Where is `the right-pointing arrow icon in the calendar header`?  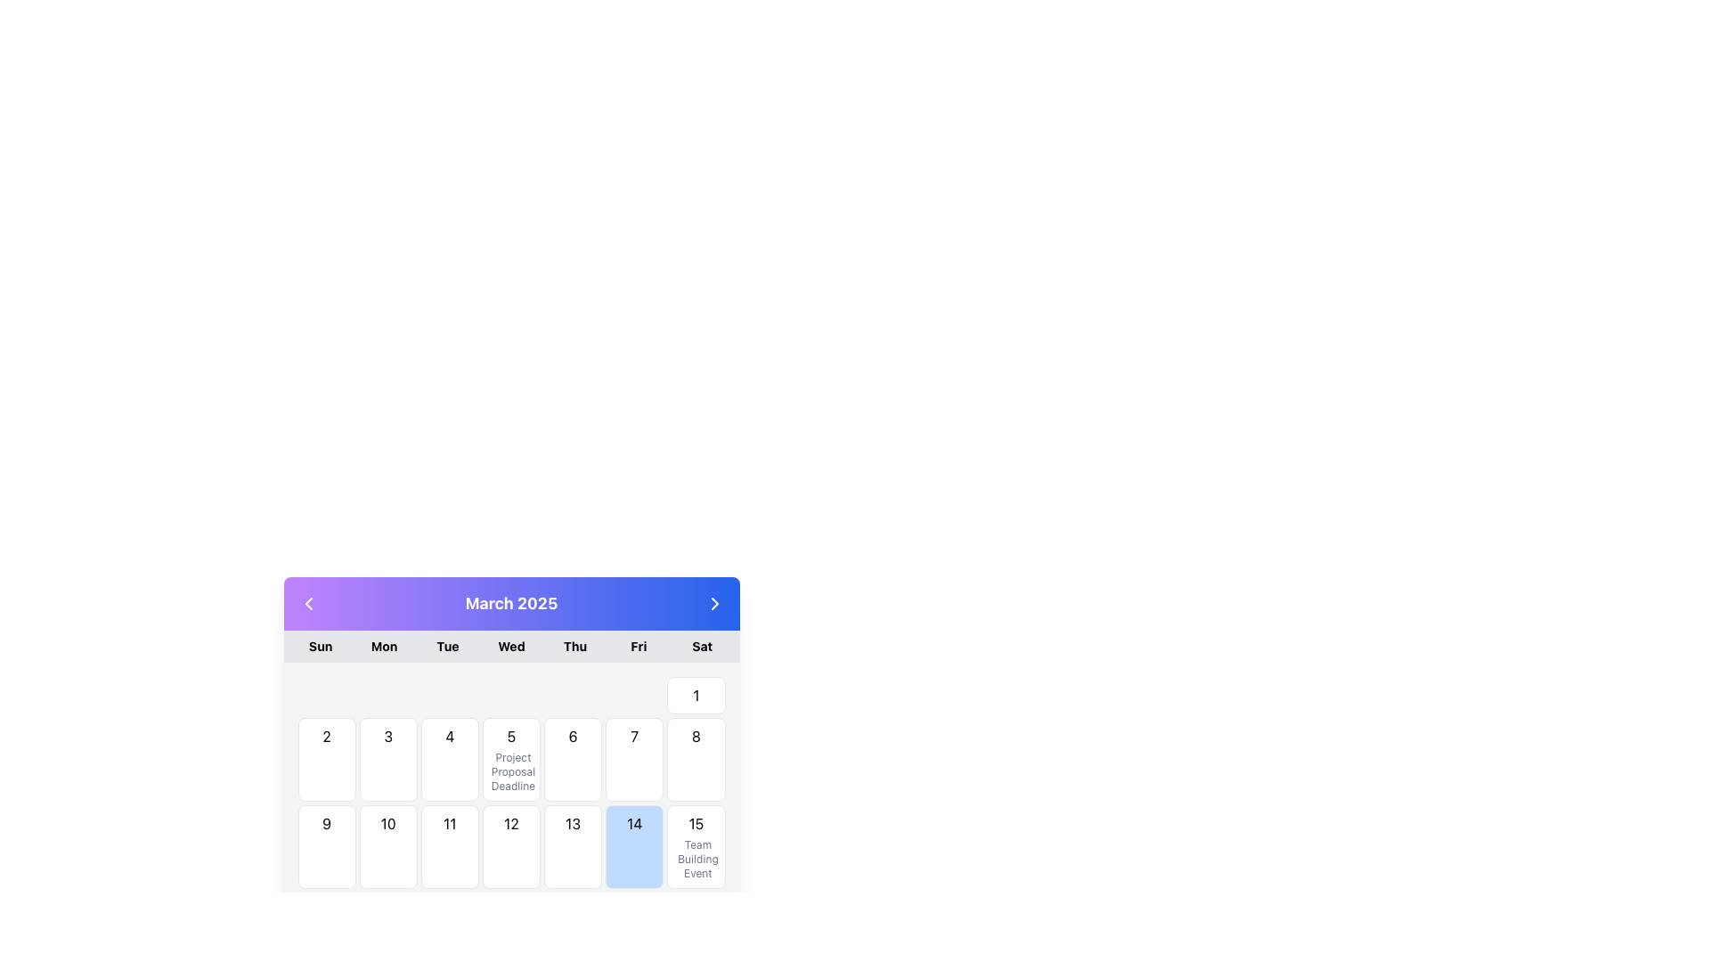
the right-pointing arrow icon in the calendar header is located at coordinates (714, 603).